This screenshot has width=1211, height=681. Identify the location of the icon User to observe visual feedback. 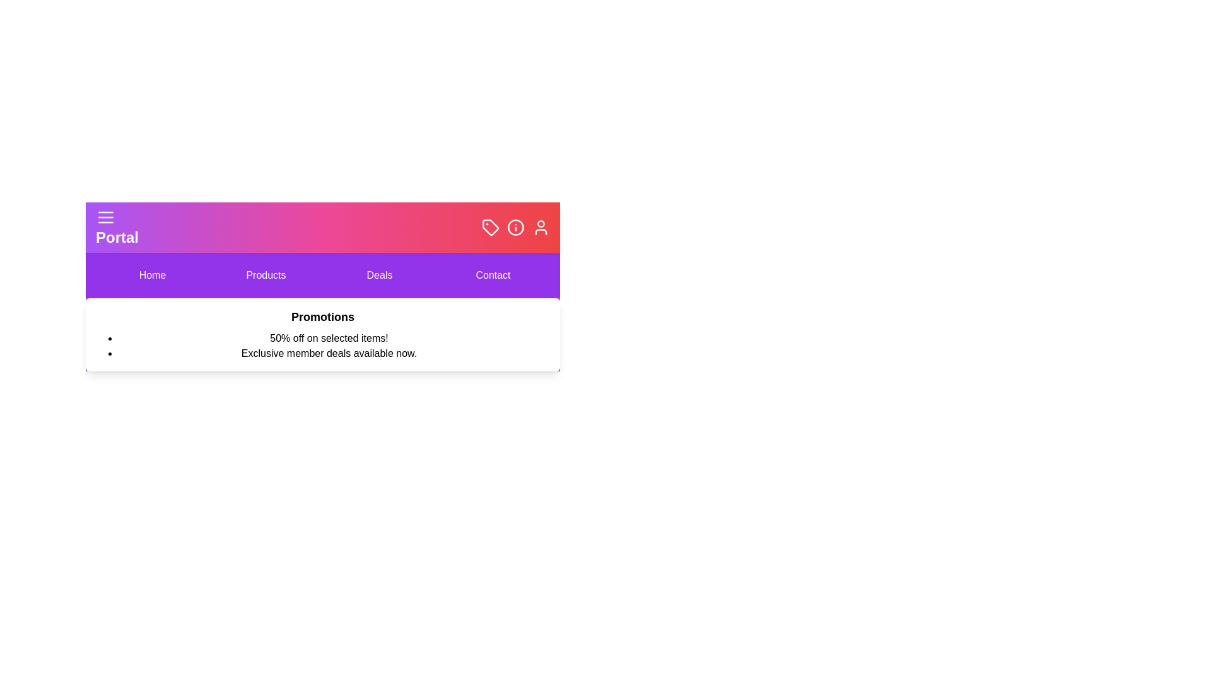
(541, 228).